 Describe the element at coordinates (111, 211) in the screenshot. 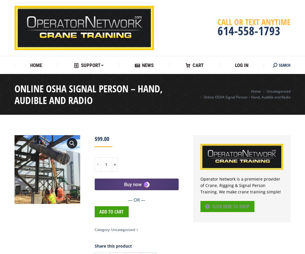

I see `'Add to cart'` at that location.